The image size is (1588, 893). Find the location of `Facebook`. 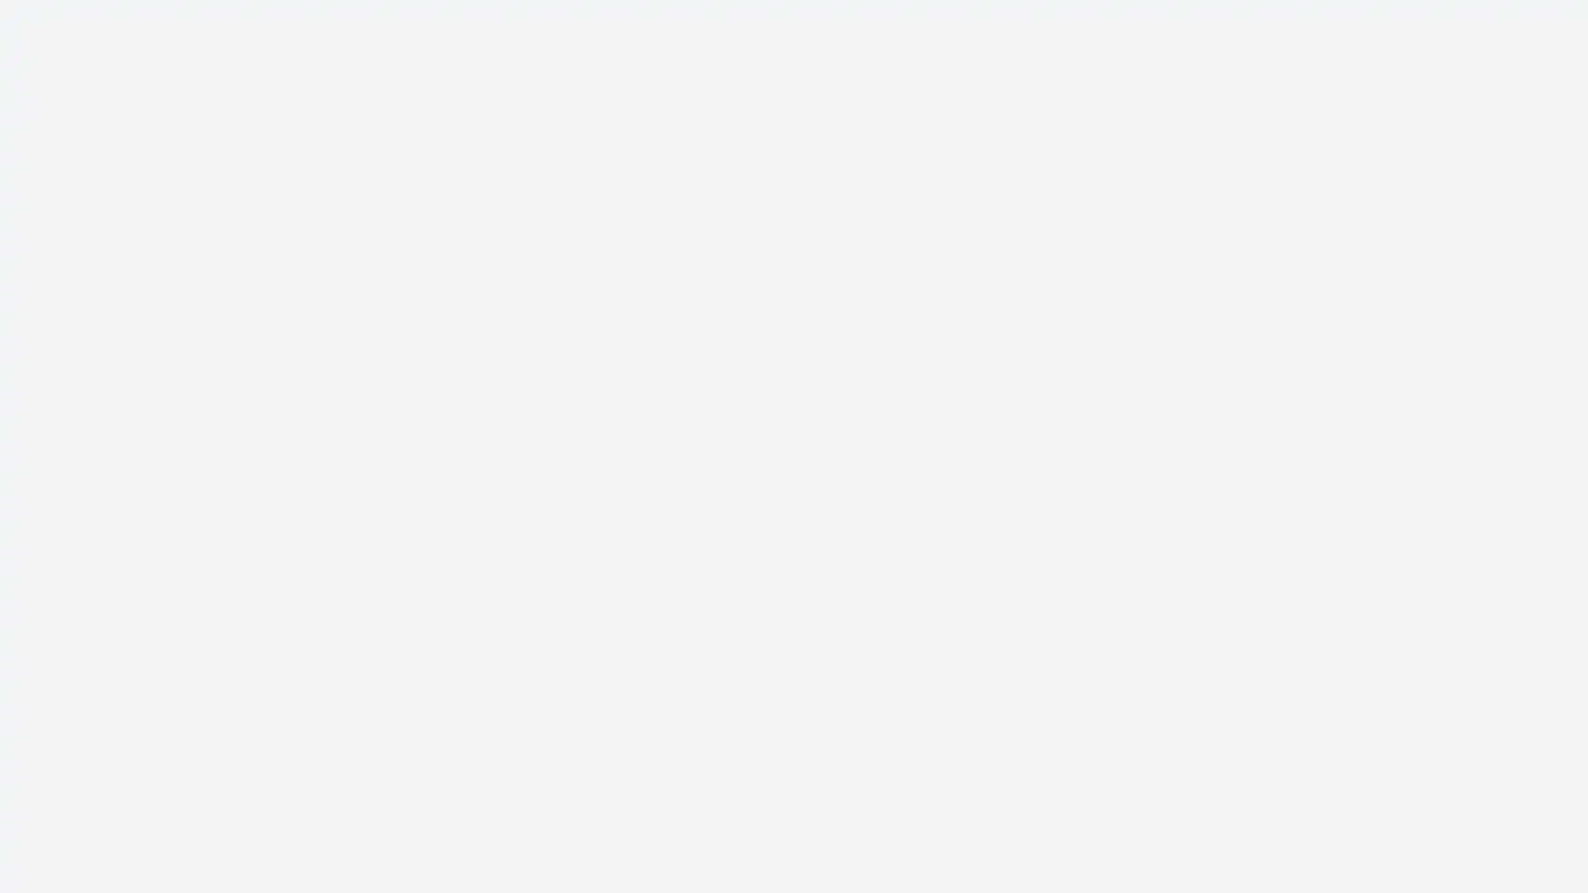

Facebook is located at coordinates (696, 165).